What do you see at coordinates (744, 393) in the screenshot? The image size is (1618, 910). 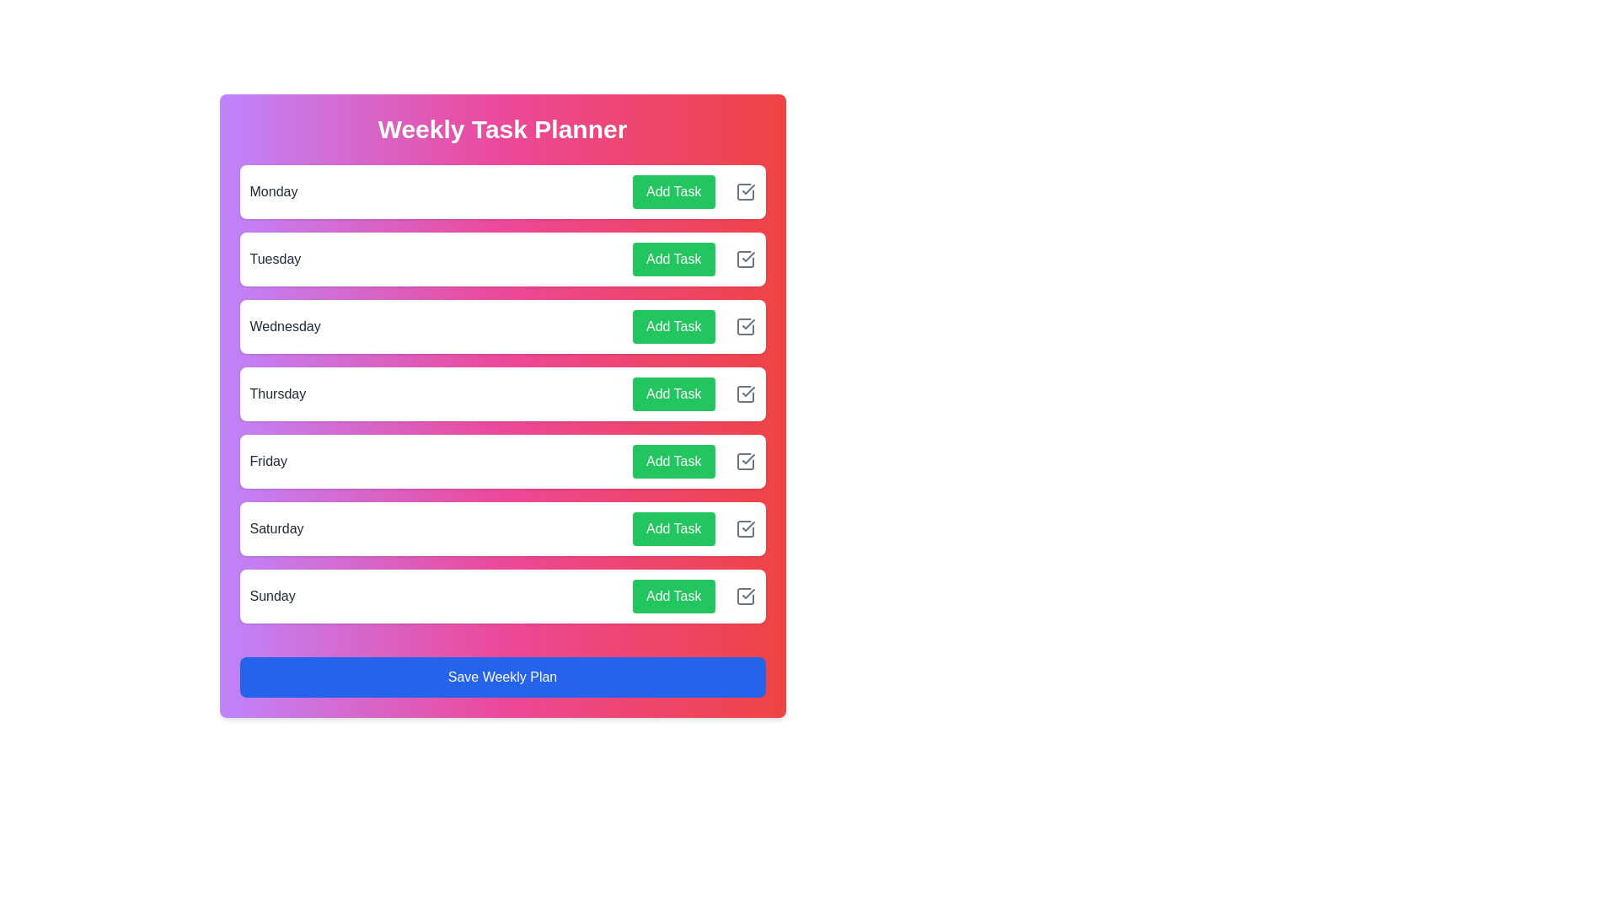 I see `the checkbox icon for Thursday to mark the task as completed` at bounding box center [744, 393].